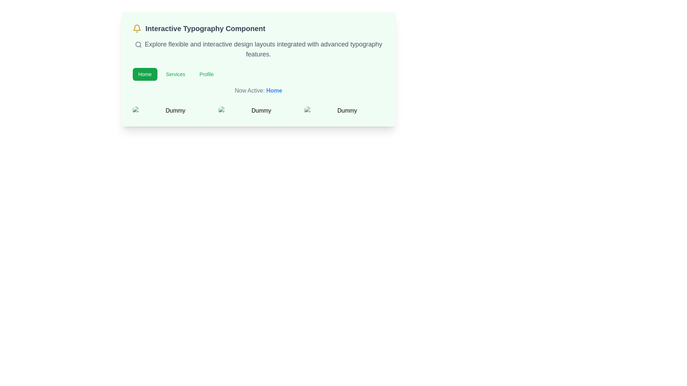 This screenshot has width=687, height=386. I want to click on the lower curved part of the yellow bell-shaped icon in the top-left corner of the card, which symbolizes alerts or notifications, so click(137, 27).